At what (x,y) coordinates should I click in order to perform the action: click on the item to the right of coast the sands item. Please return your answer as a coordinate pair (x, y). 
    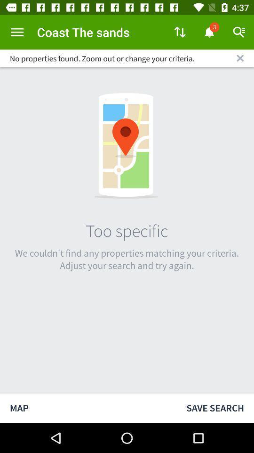
    Looking at the image, I should click on (180, 32).